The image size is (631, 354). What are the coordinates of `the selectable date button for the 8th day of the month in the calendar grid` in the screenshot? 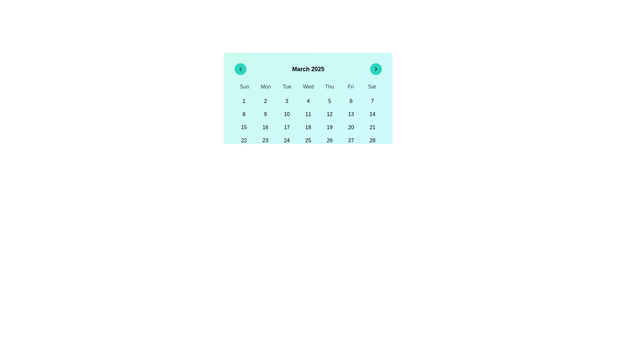 It's located at (244, 114).